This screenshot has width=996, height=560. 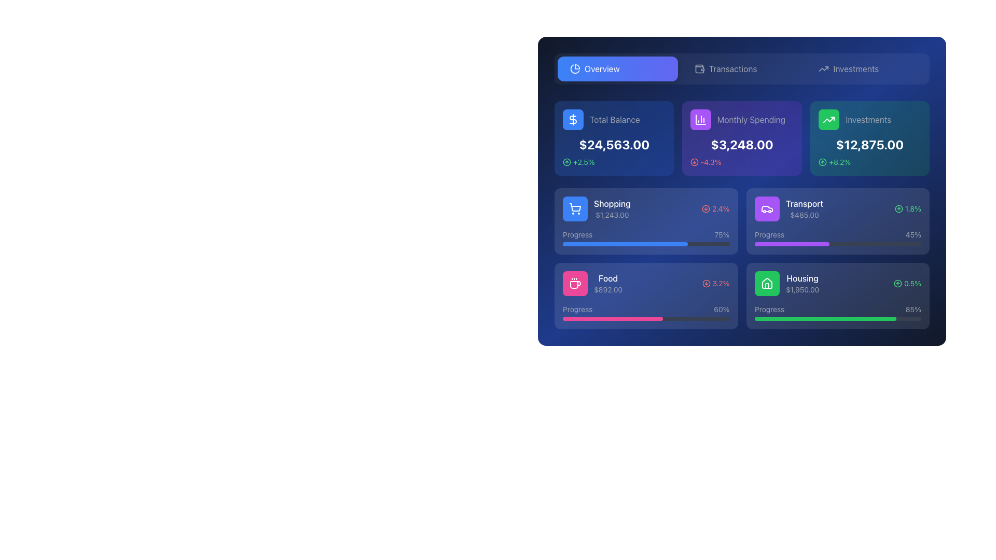 I want to click on the Text Label located at the top of the 'Food' card in the second row of the grid layout, so click(x=608, y=277).